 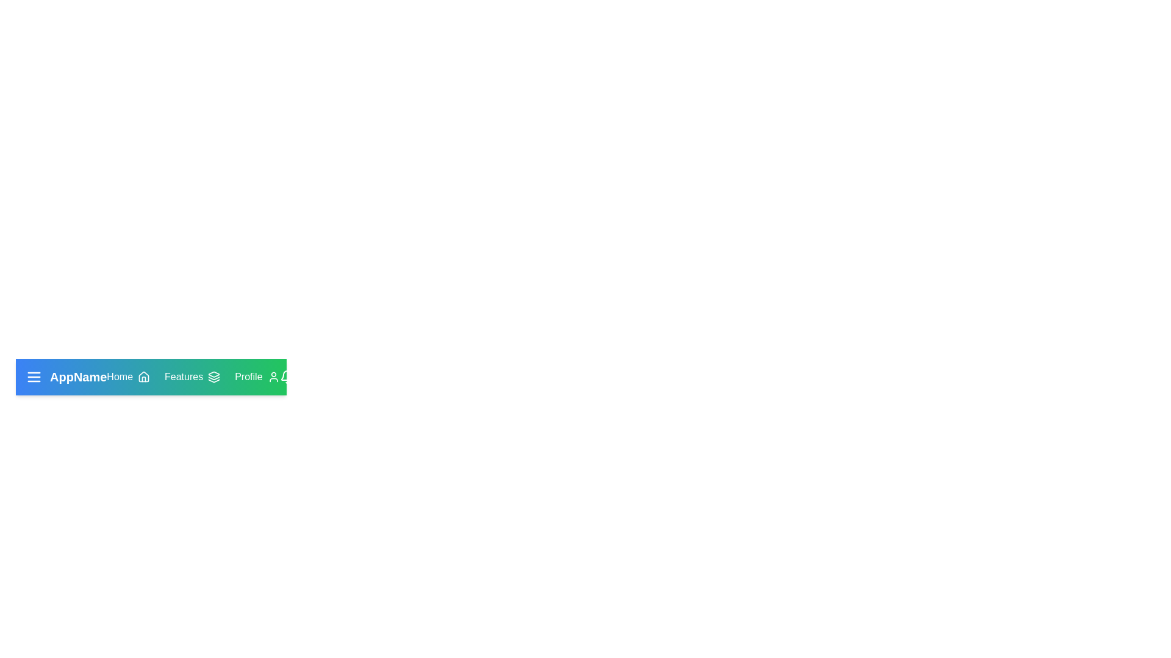 I want to click on the 'Profile' button, so click(x=256, y=376).